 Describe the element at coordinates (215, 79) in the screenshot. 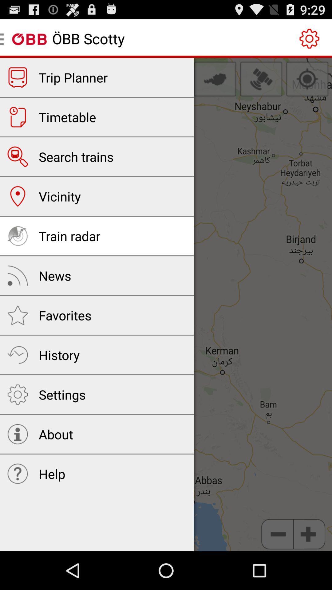

I see `the item next to the trip planner item` at that location.